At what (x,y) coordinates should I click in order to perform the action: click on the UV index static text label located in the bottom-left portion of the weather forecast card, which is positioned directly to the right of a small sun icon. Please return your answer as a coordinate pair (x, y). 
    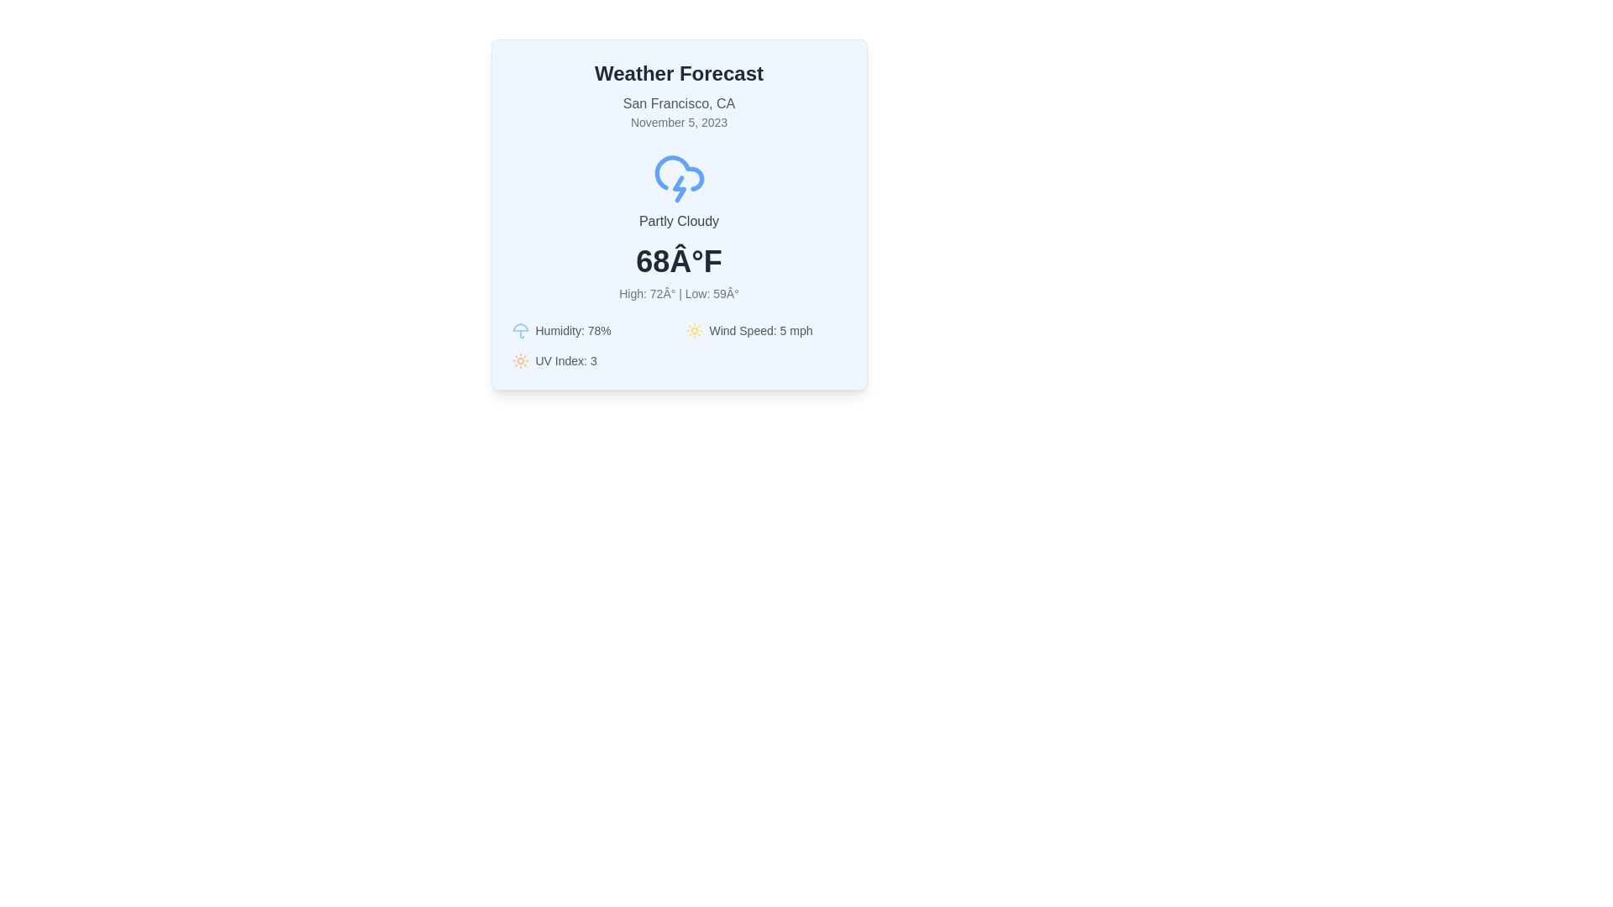
    Looking at the image, I should click on (566, 359).